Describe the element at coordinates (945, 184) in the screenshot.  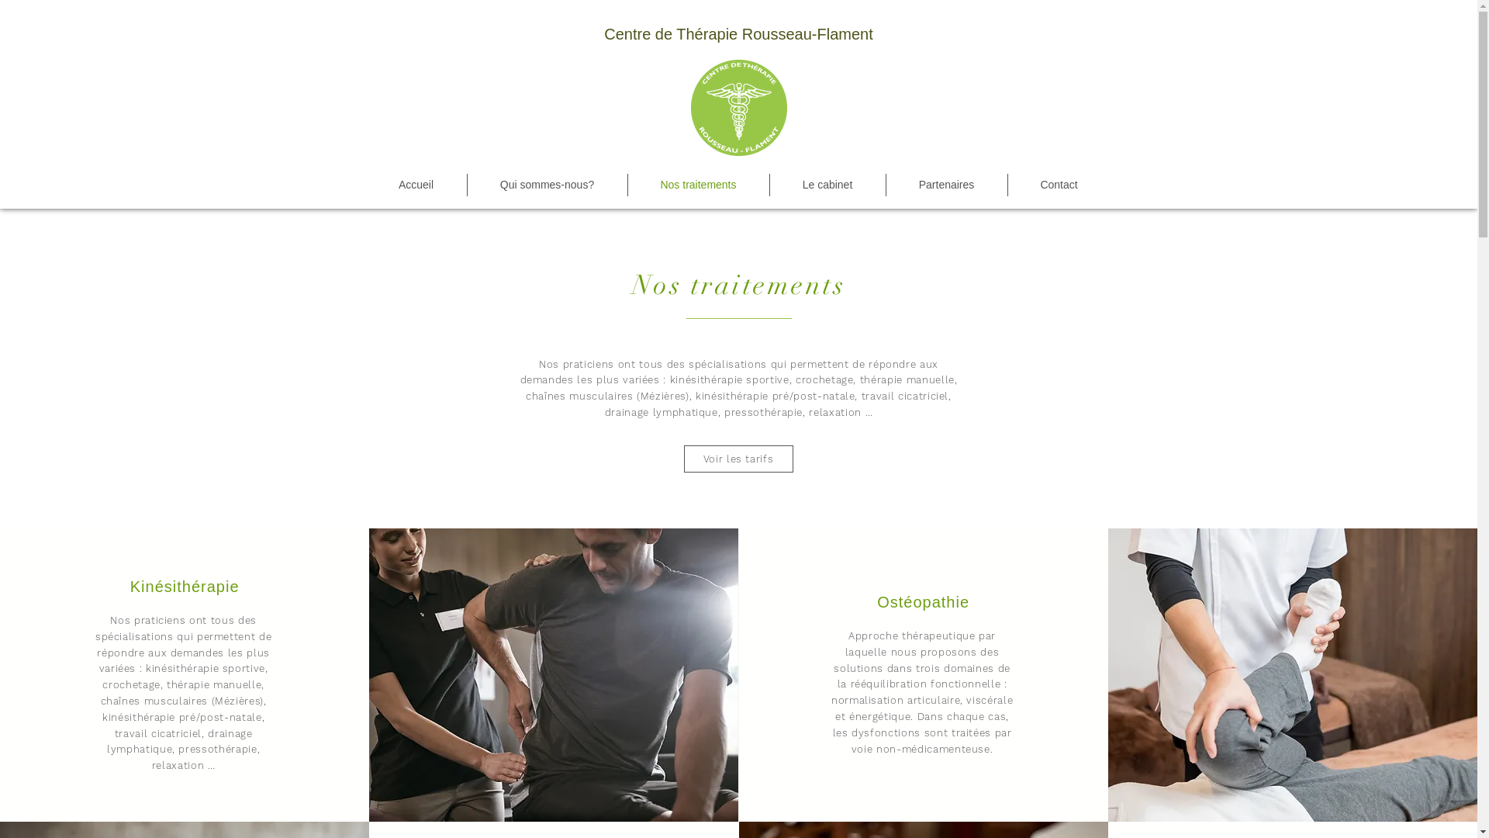
I see `'Partenaires'` at that location.